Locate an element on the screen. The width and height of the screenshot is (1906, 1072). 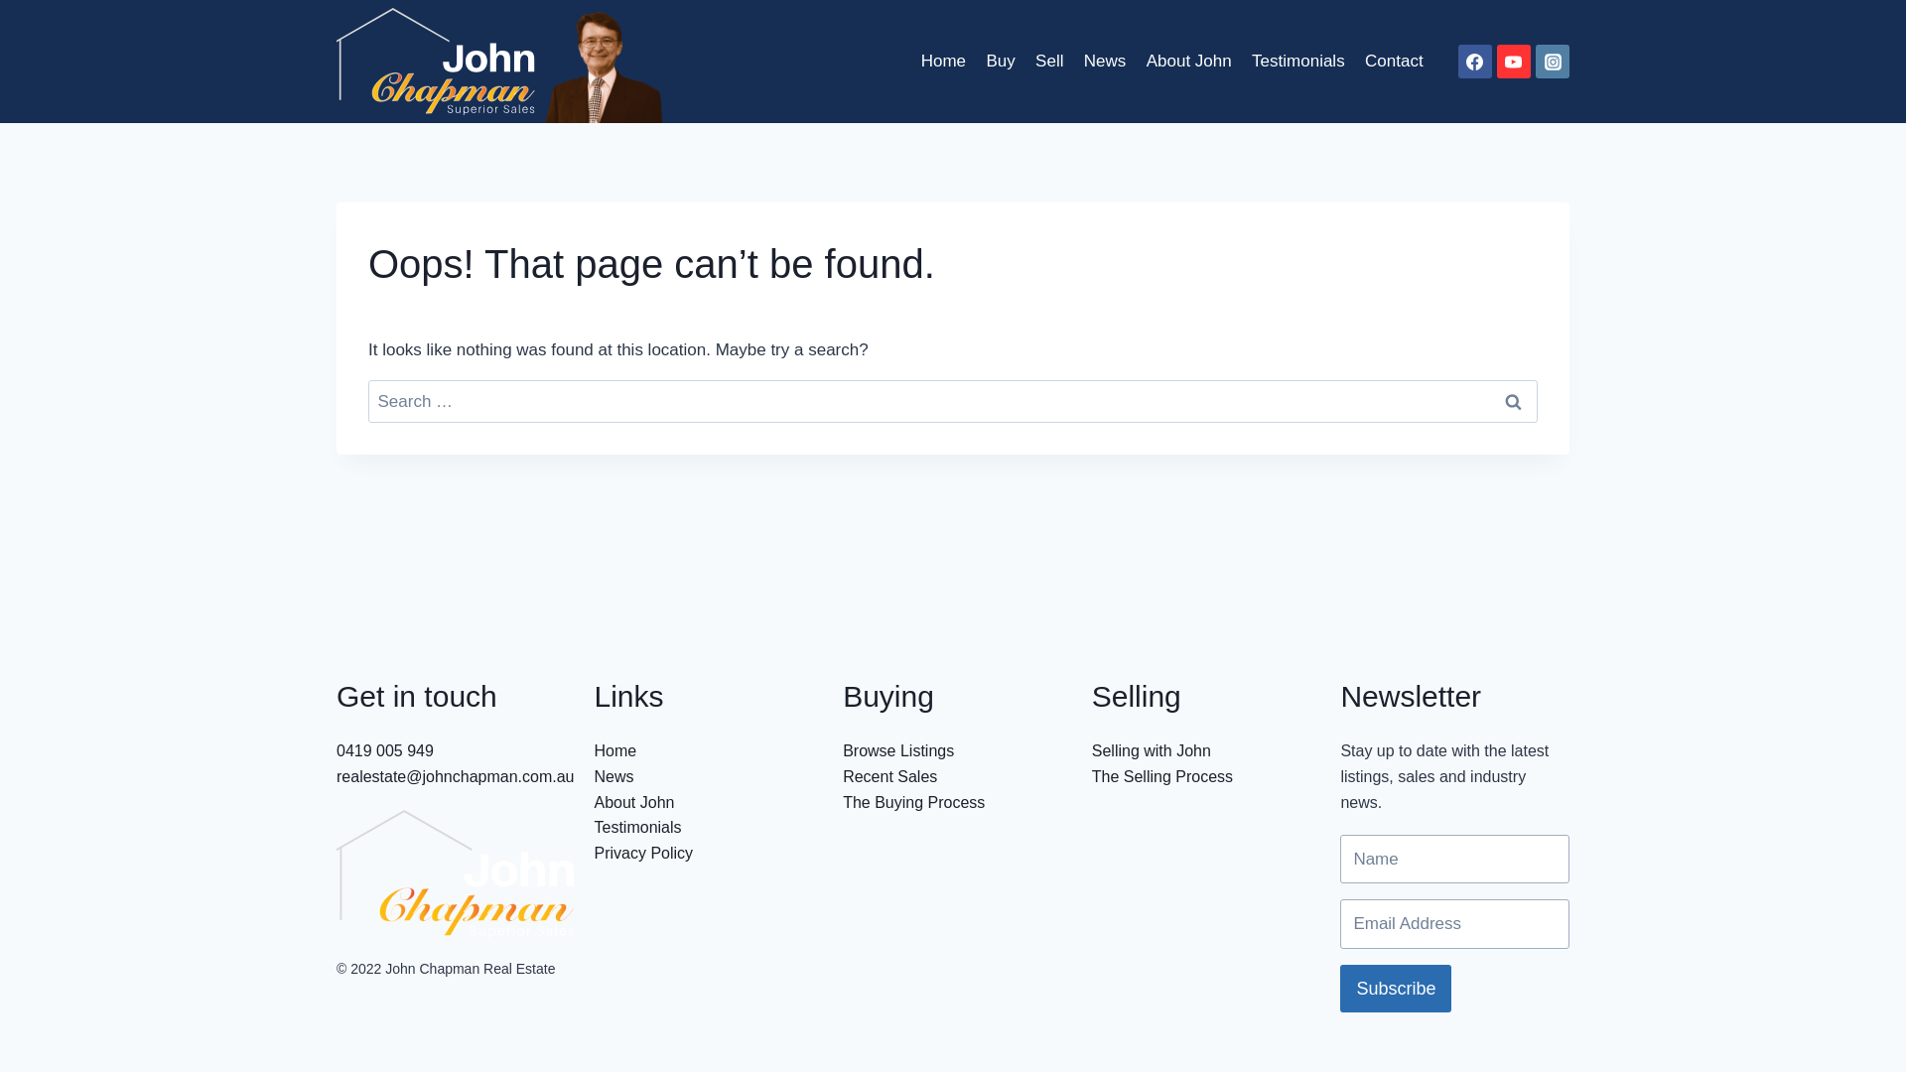
'Sell' is located at coordinates (1048, 60).